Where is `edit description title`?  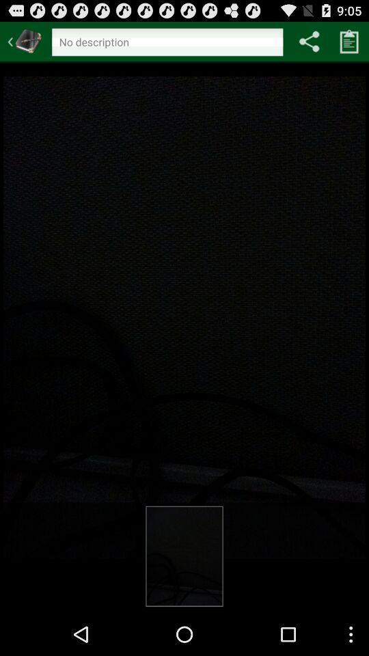
edit description title is located at coordinates (167, 44).